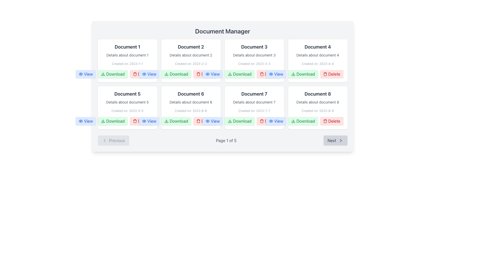  What do you see at coordinates (254, 55) in the screenshot?
I see `the text display reading 'Details about document 3' located below the title 'Document 3' in the Document Manager grid` at bounding box center [254, 55].